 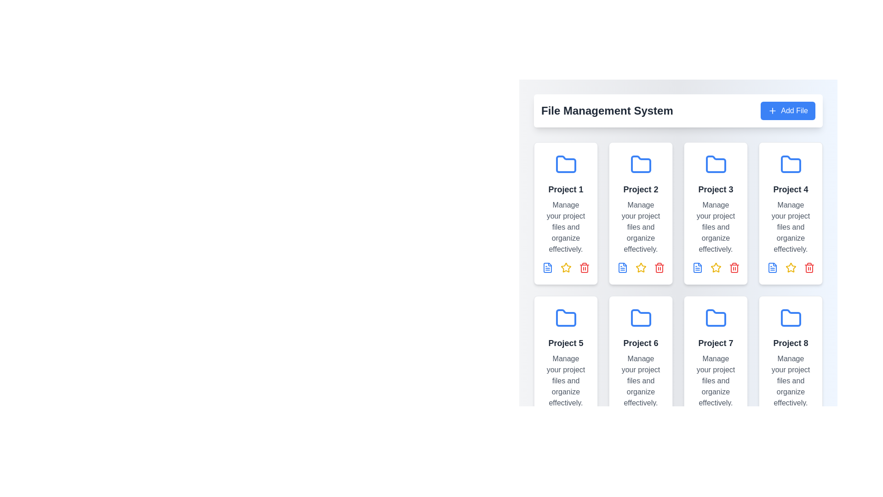 I want to click on the document-shaped icon located in the 'Project 1' card area, which is part of a cluster of three icons below the title text 'Project 1', so click(x=547, y=268).